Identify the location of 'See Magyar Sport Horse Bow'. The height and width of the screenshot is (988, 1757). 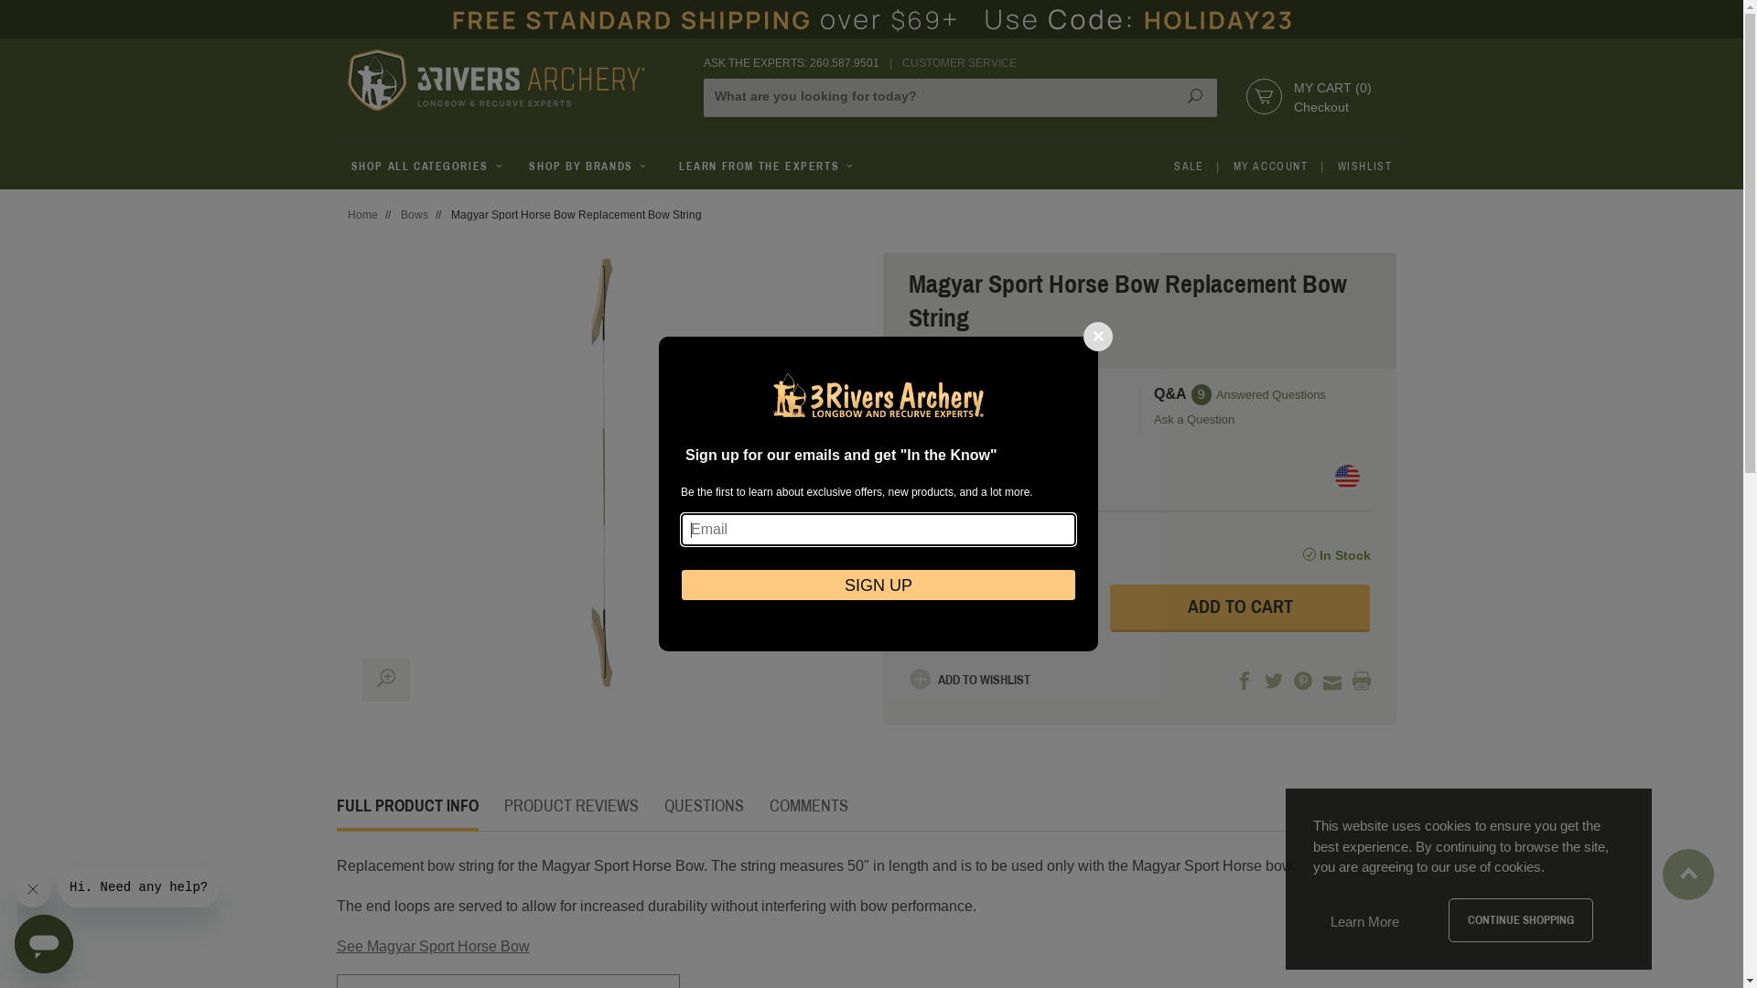
(432, 946).